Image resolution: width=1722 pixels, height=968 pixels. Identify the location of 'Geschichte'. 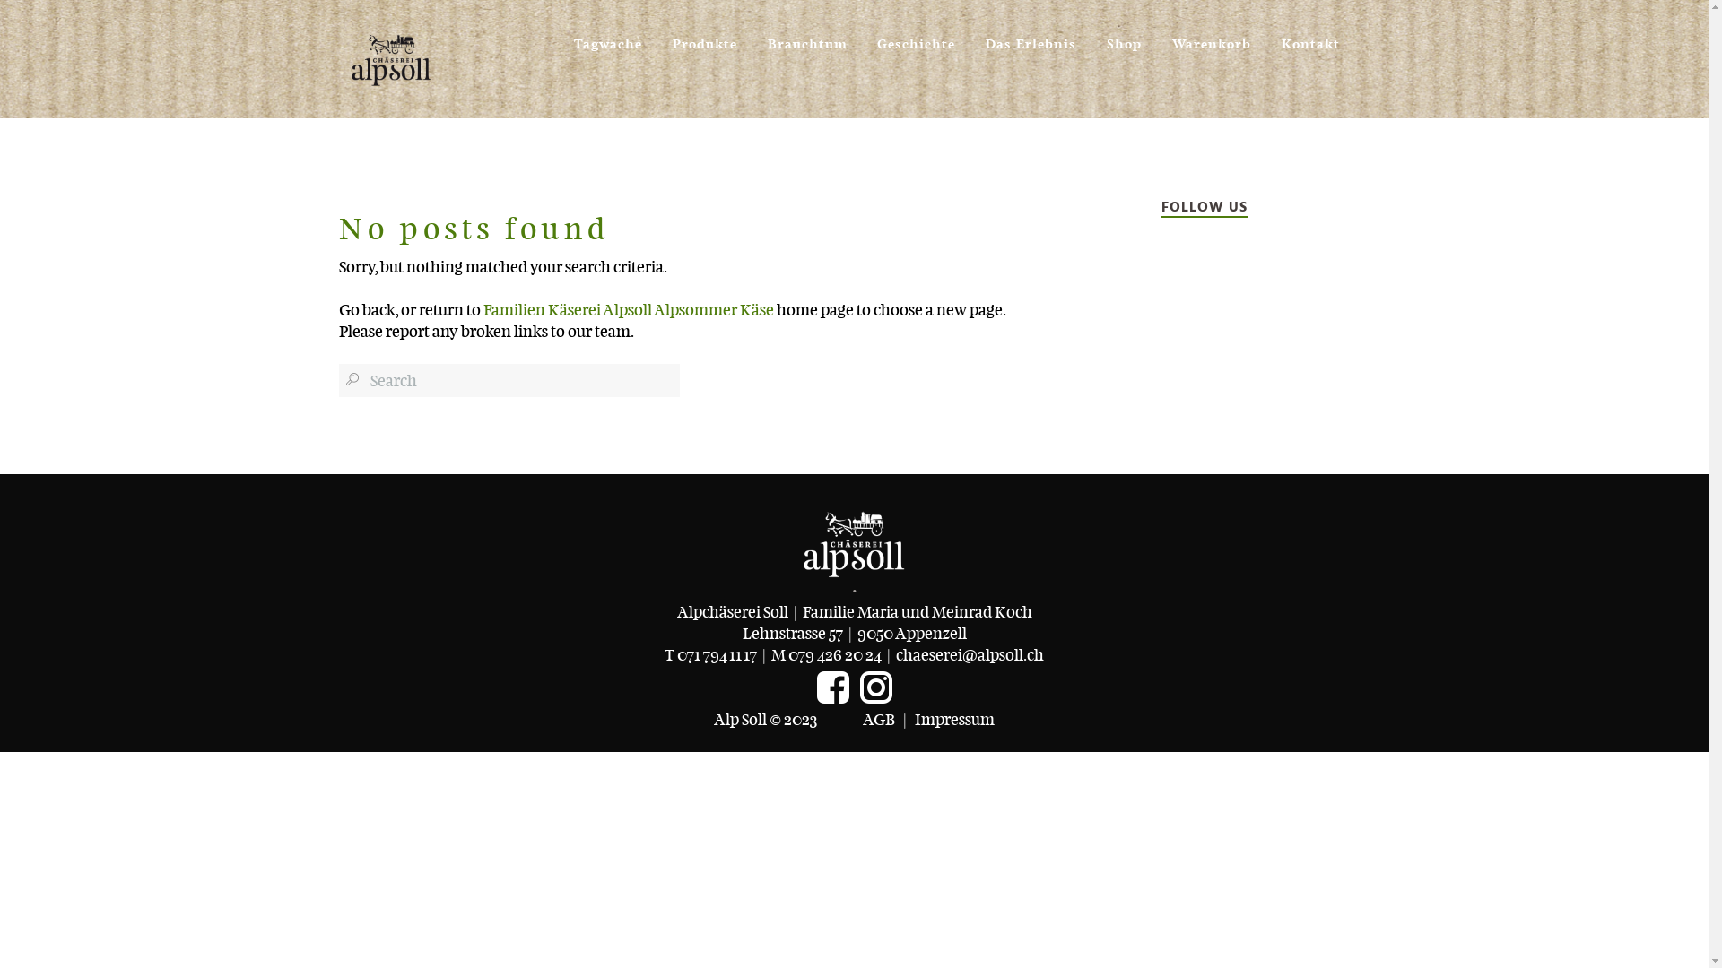
(877, 36).